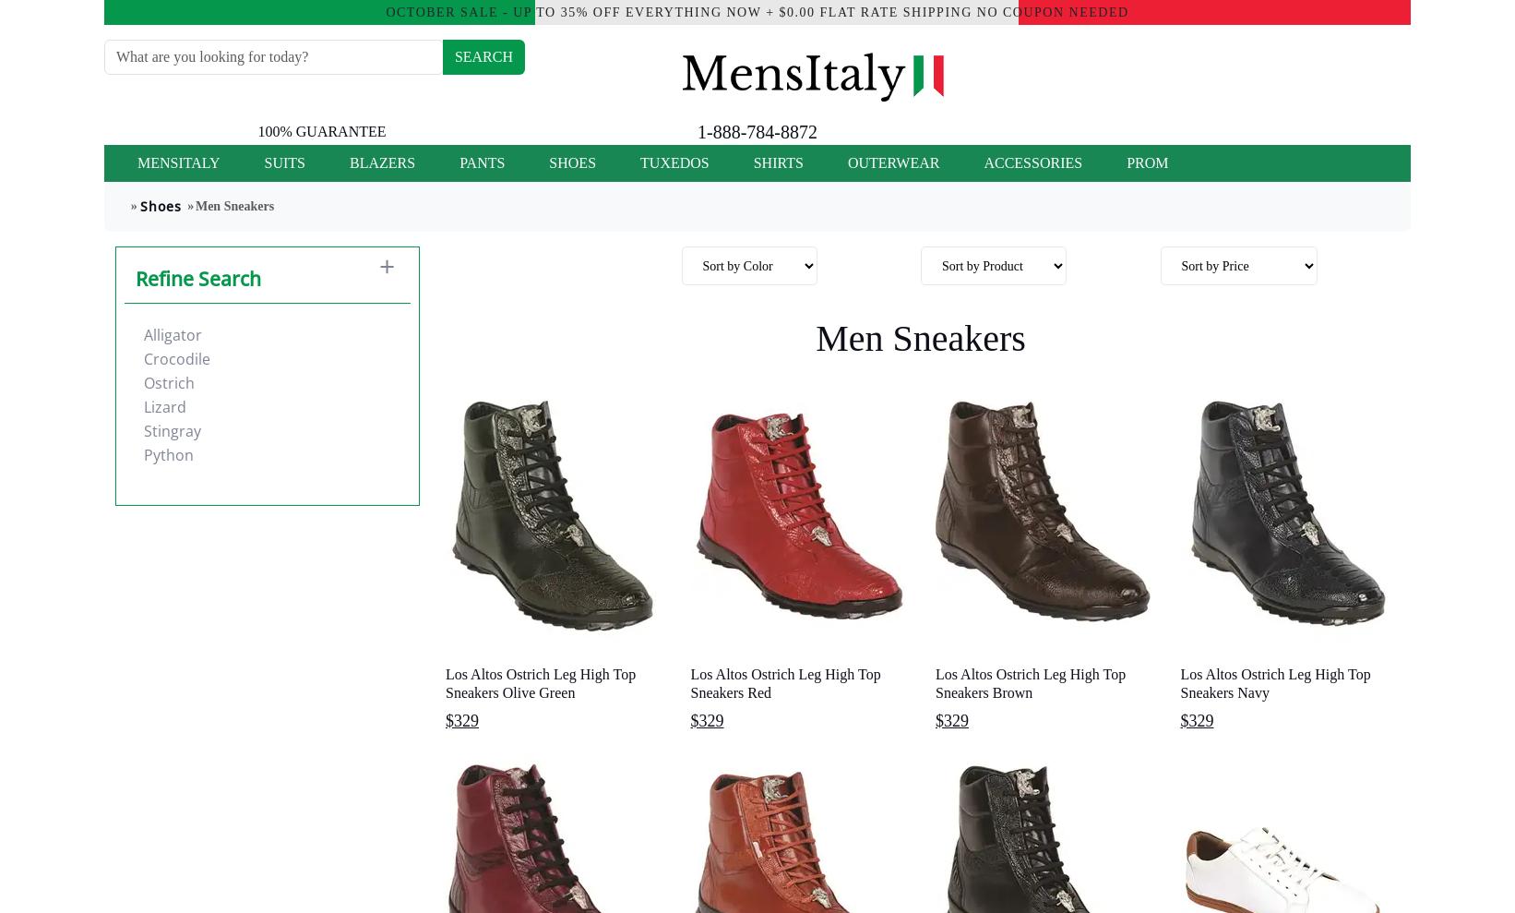 The image size is (1515, 913). What do you see at coordinates (785, 592) in the screenshot?
I see `'Zapatos para Hombre de Piel de Avestruz Completa Original de Calidad Premium'` at bounding box center [785, 592].